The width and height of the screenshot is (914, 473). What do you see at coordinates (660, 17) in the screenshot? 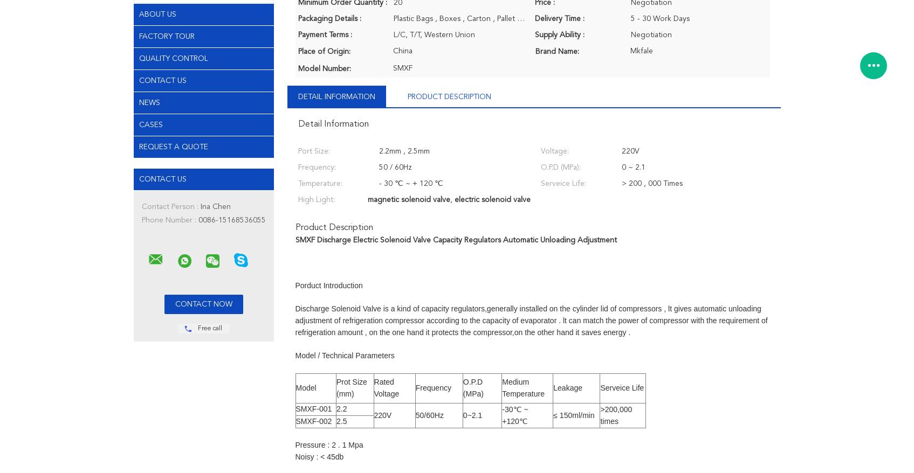
I see `'5 - 30 Work Days'` at bounding box center [660, 17].